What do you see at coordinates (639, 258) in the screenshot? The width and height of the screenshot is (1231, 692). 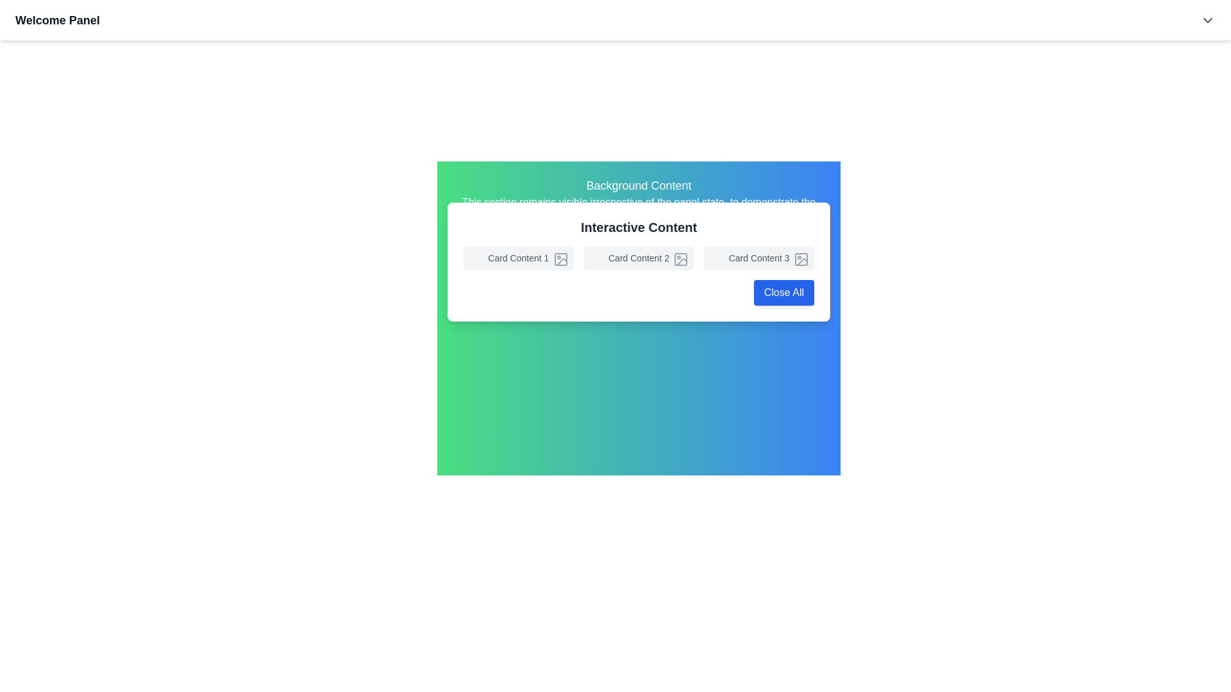 I see `the card component in the grid layout that is centered beneath the 'Interactive Content' text and above the 'Close All' button to interact with it` at bounding box center [639, 258].